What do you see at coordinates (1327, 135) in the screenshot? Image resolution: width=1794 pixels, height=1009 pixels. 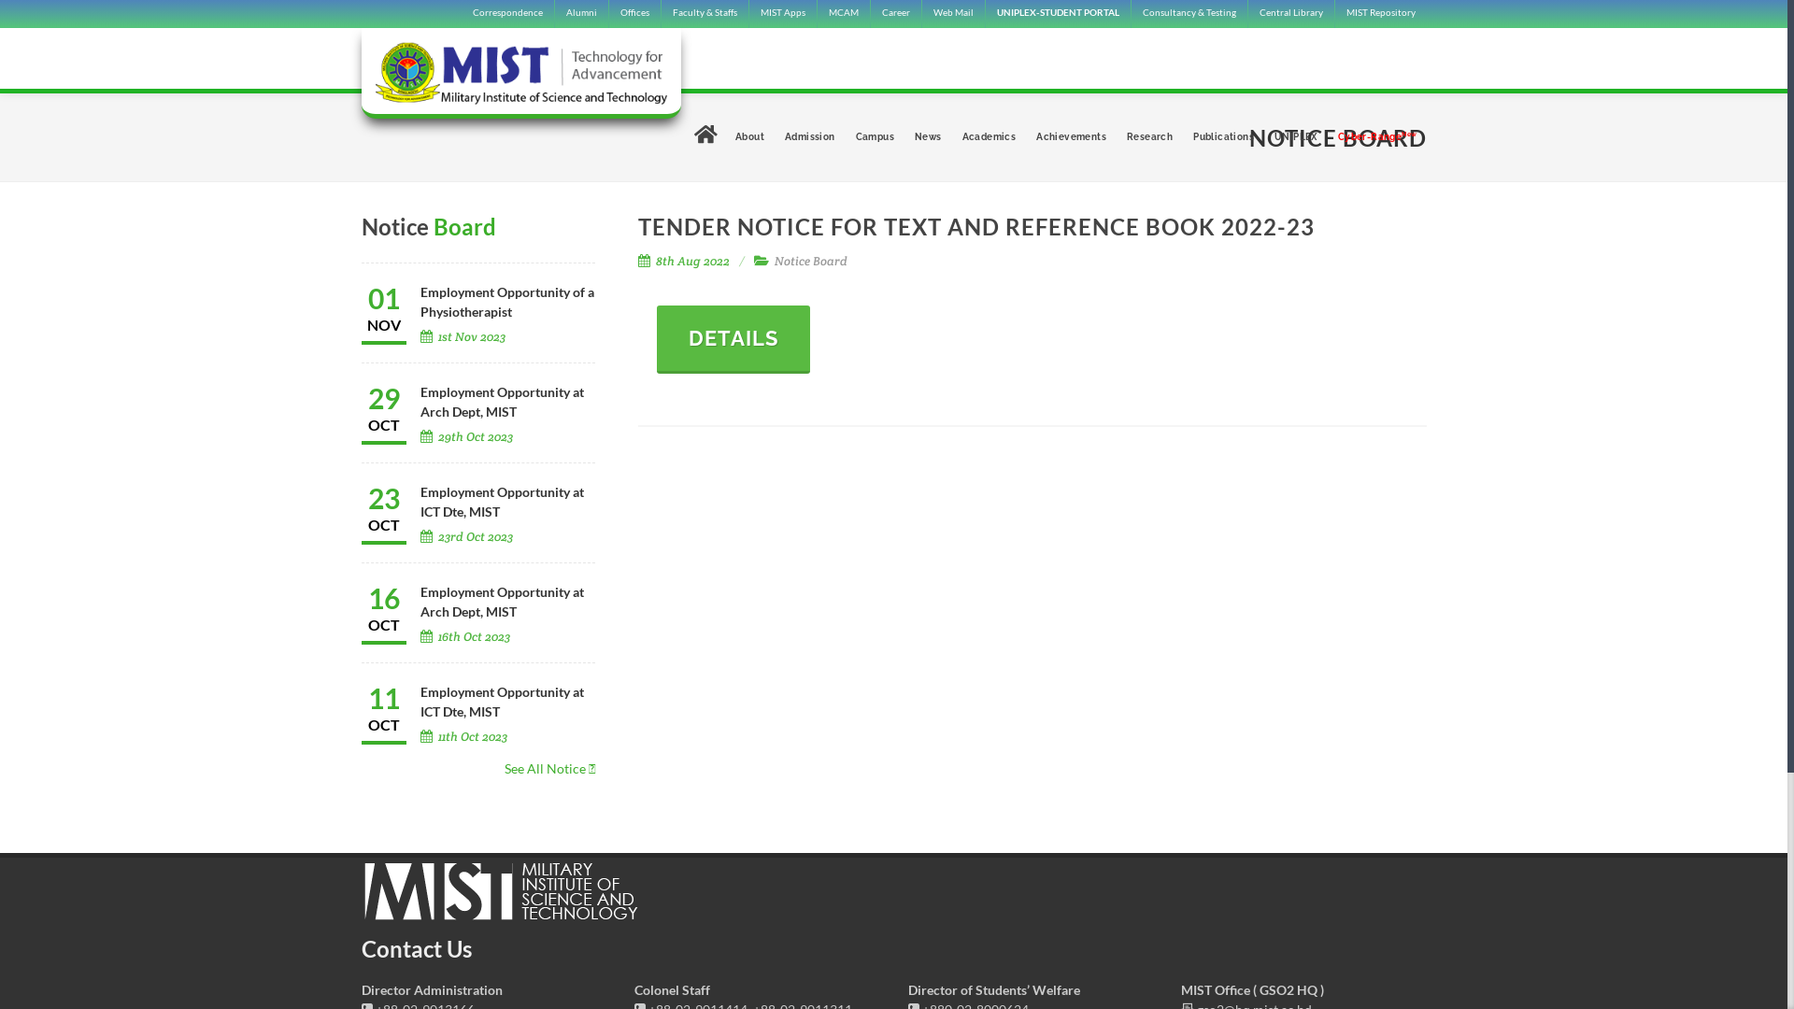 I see `'Cyber-Range'` at bounding box center [1327, 135].